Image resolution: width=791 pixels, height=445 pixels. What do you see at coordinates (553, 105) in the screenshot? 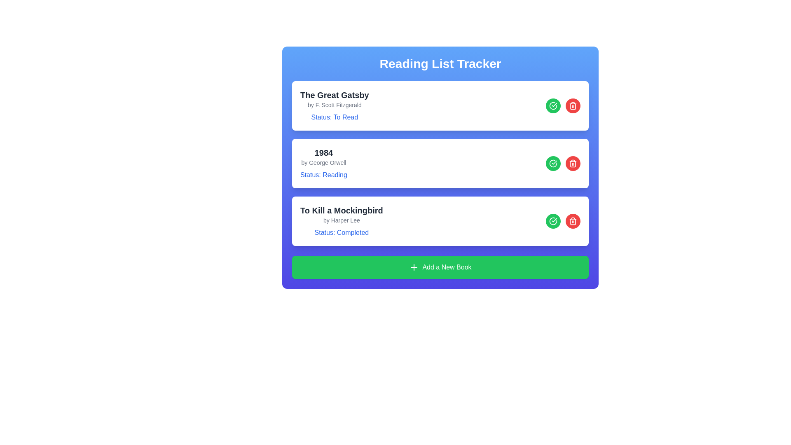
I see `the circular green button with a white checkmark located to the right of the item's text information in the first item row of the list, which is positioned left of a red delete button` at bounding box center [553, 105].